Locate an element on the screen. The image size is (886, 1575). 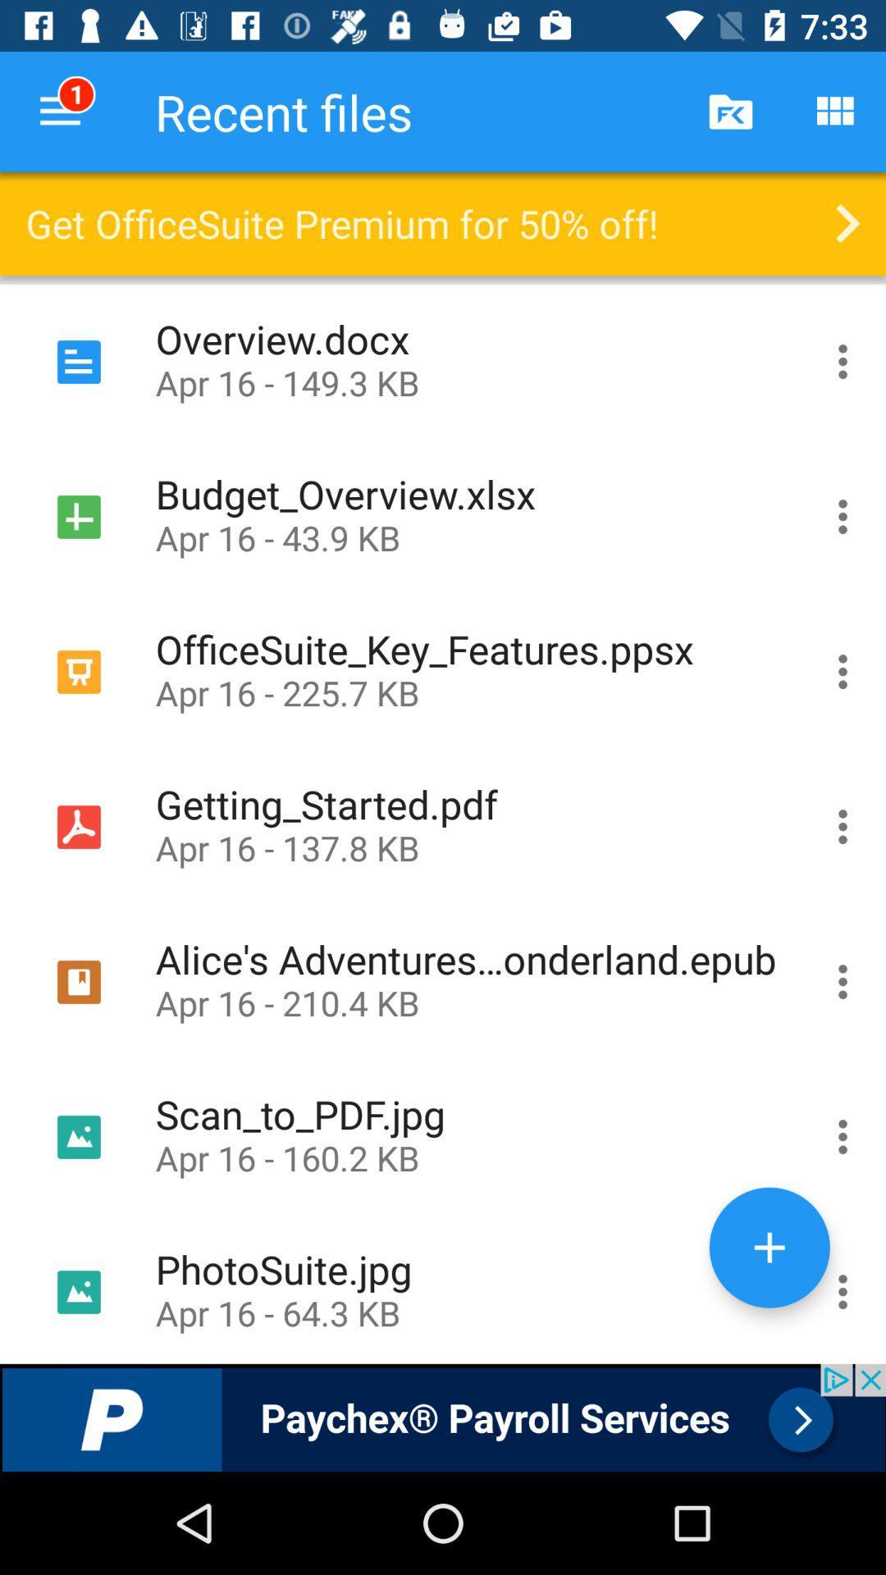
the content of the file is located at coordinates (843, 672).